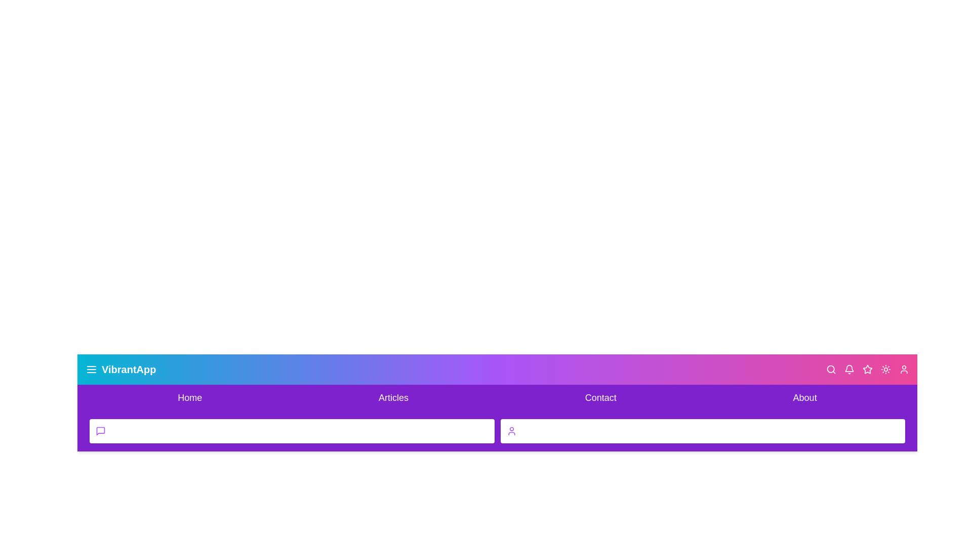 This screenshot has width=972, height=546. Describe the element at coordinates (867, 370) in the screenshot. I see `the star icon to mark items as favorites` at that location.